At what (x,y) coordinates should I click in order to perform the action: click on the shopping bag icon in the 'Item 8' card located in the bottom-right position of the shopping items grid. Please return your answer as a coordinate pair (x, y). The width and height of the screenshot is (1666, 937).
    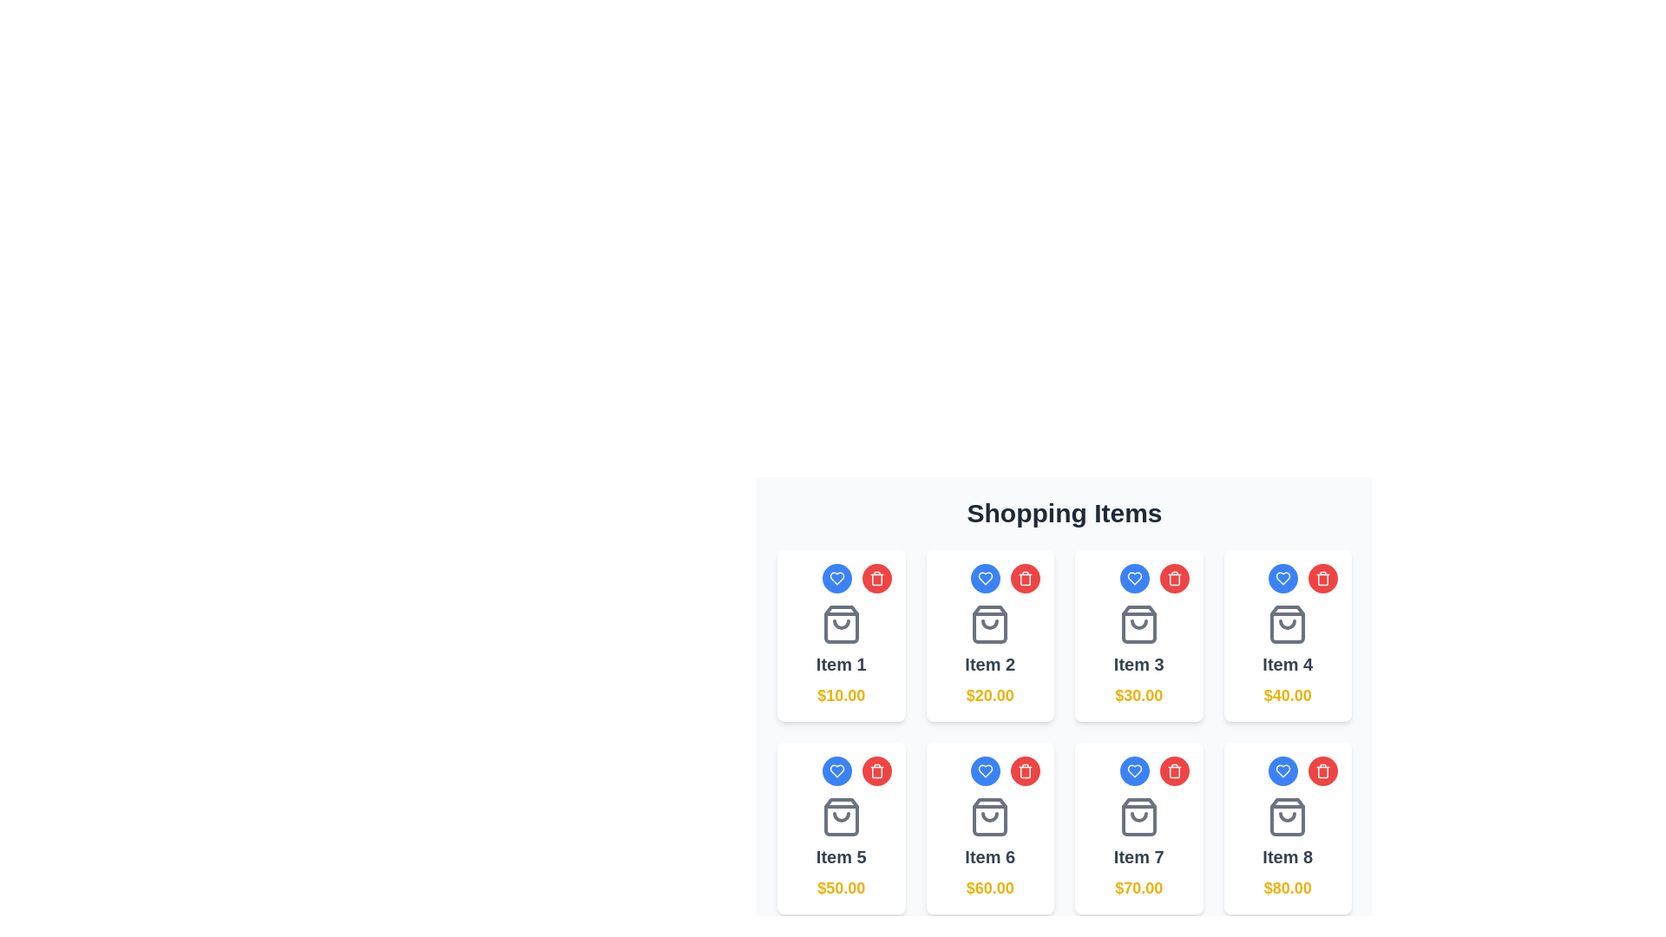
    Looking at the image, I should click on (1288, 848).